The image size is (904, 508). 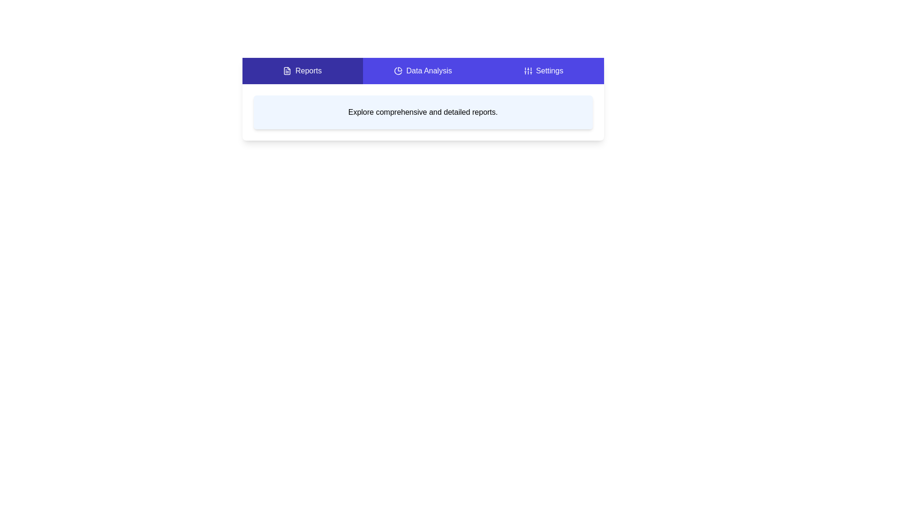 I want to click on the tab header labeled Reports, so click(x=302, y=70).